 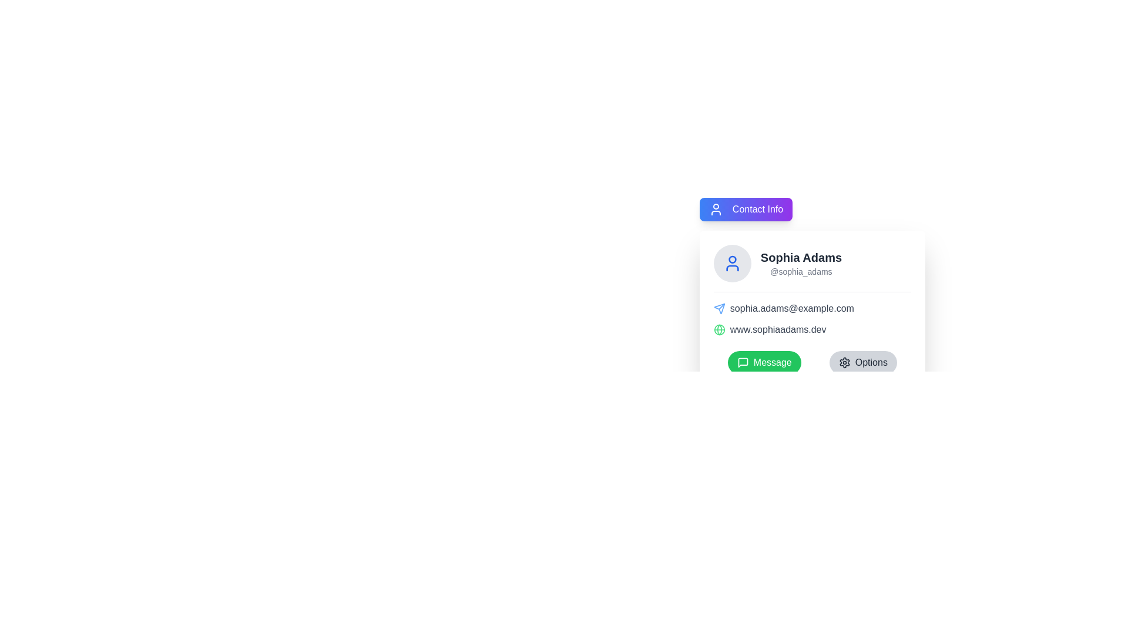 What do you see at coordinates (844, 362) in the screenshot?
I see `the gear icon in the Options button area adjacent` at bounding box center [844, 362].